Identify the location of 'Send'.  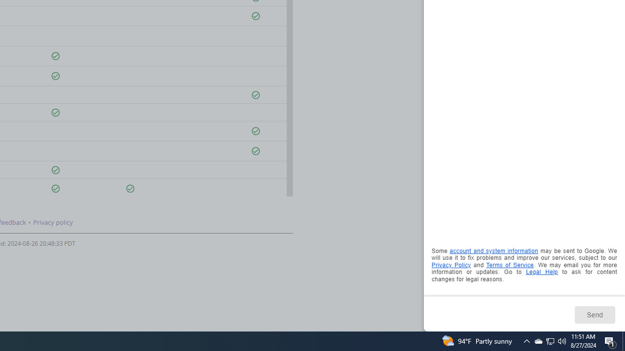
(594, 314).